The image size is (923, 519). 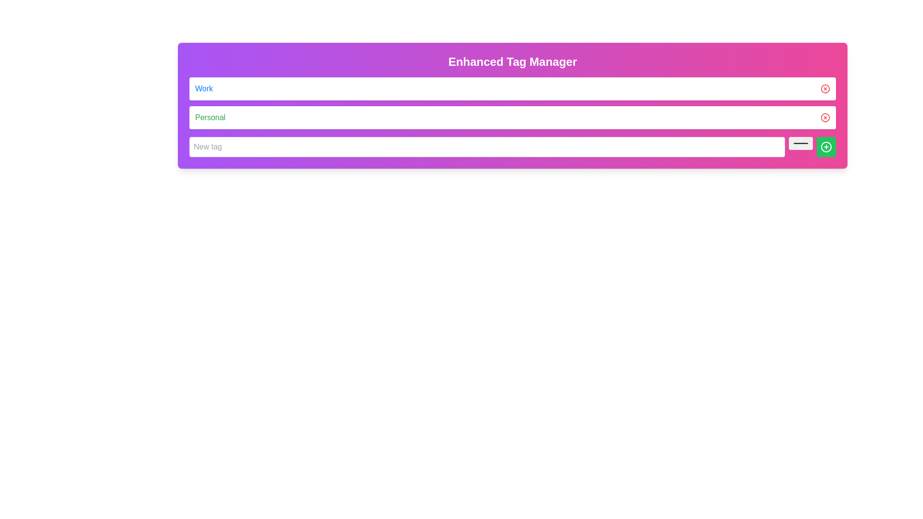 What do you see at coordinates (825, 147) in the screenshot?
I see `the button located on the far-right side of the tag input field row` at bounding box center [825, 147].